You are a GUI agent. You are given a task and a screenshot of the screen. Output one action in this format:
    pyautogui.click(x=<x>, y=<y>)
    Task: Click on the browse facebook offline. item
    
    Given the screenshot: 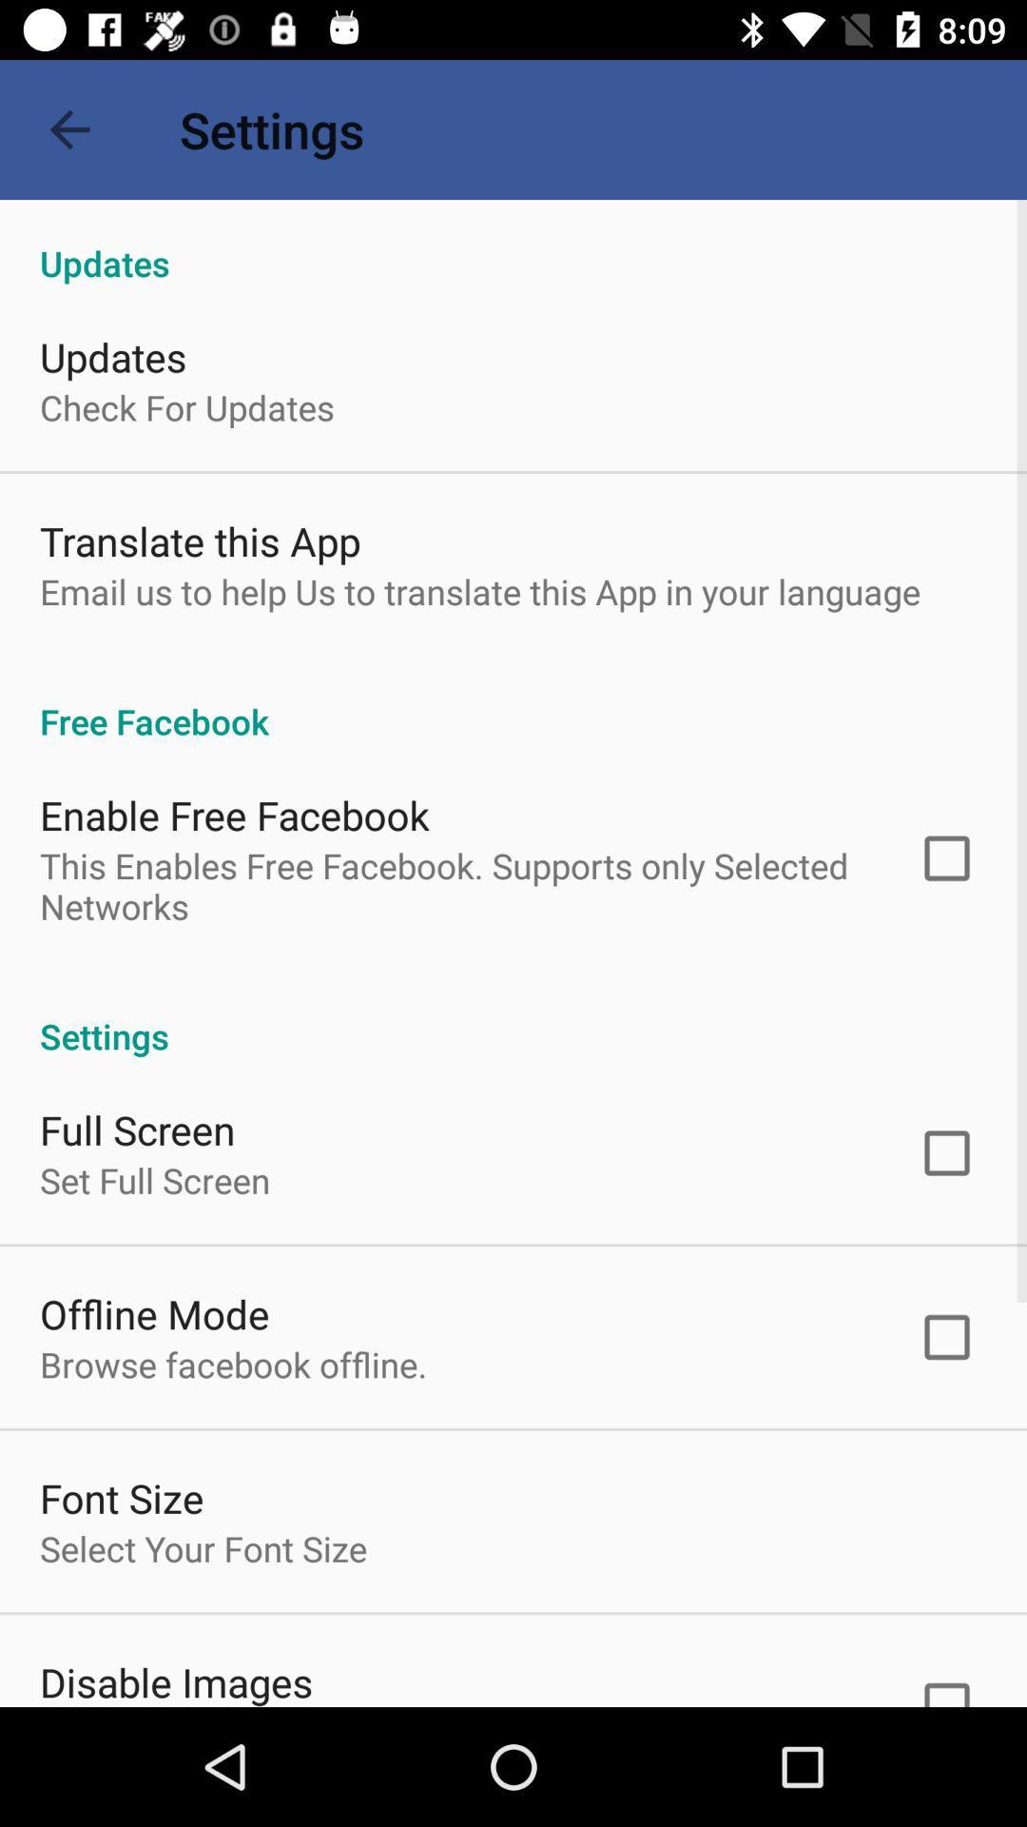 What is the action you would take?
    pyautogui.click(x=232, y=1364)
    